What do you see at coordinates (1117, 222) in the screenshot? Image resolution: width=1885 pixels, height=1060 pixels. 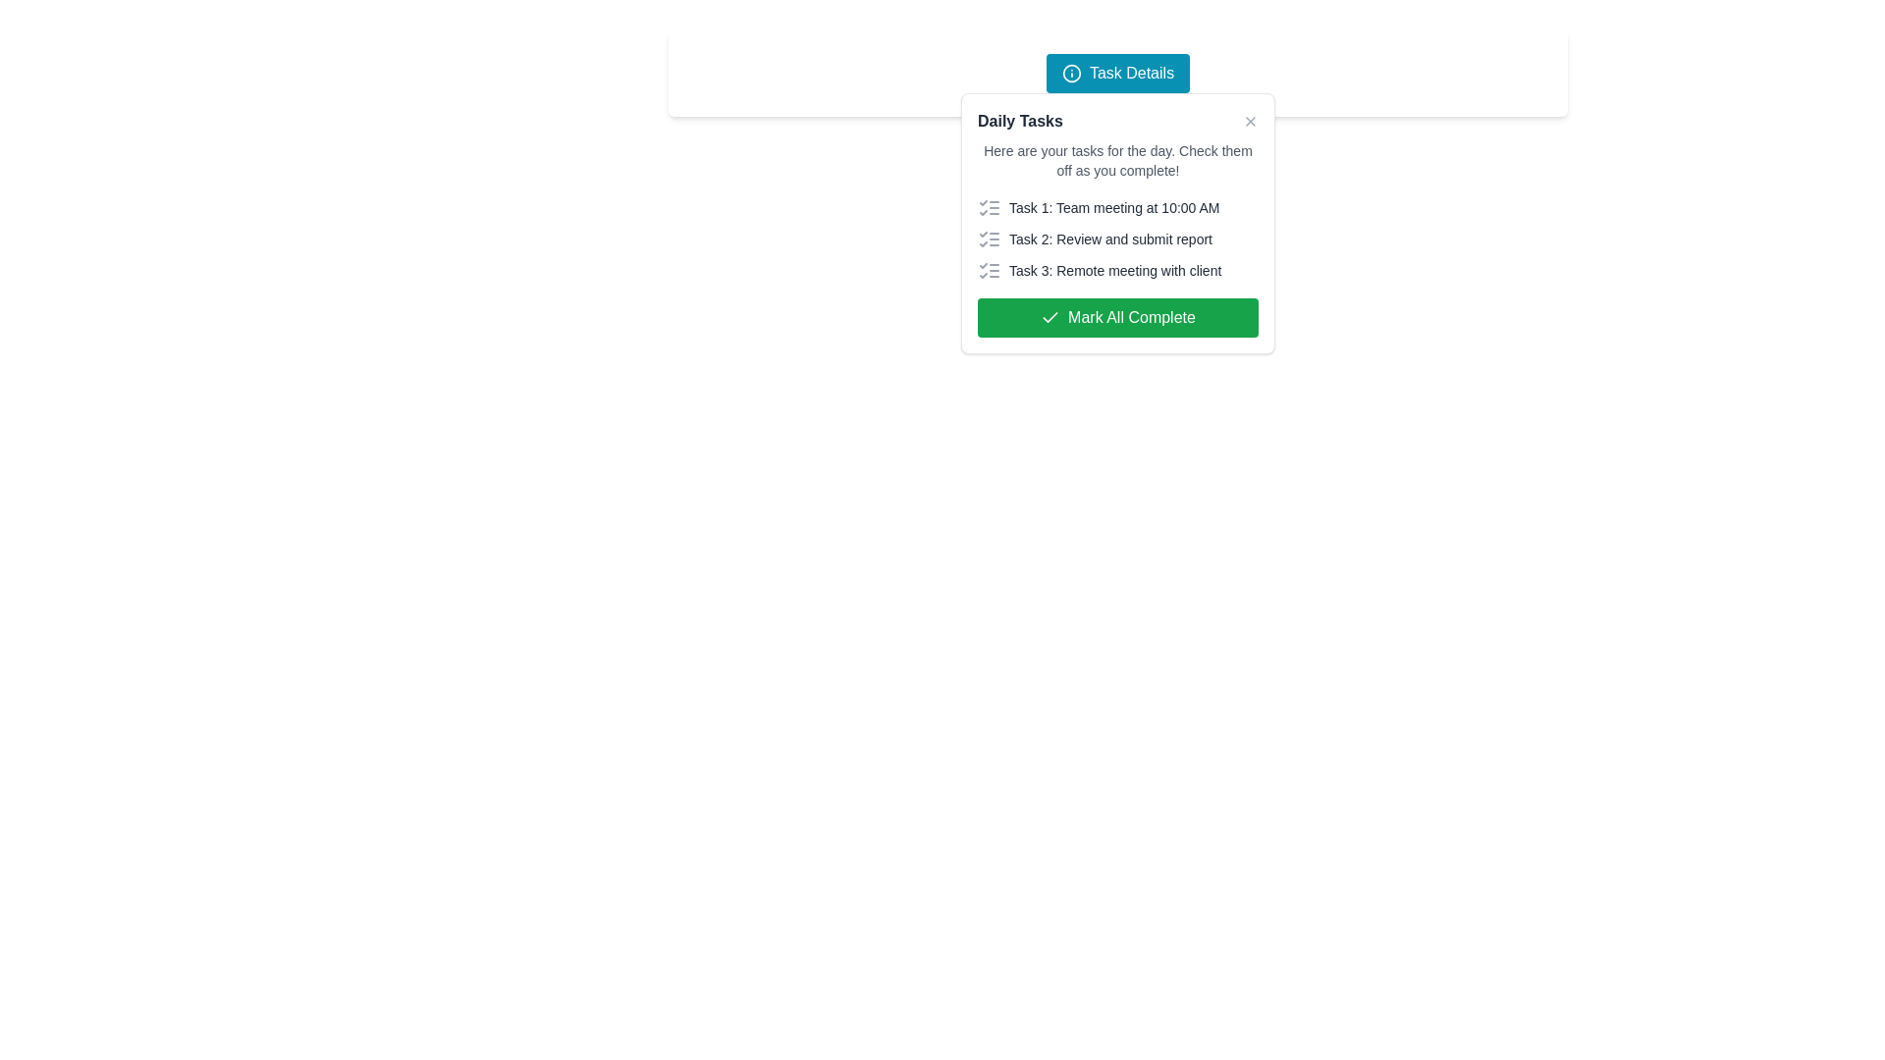 I see `or click on individual tasks within the composite UI component that displays a list of daily tasks for user interaction` at bounding box center [1117, 222].